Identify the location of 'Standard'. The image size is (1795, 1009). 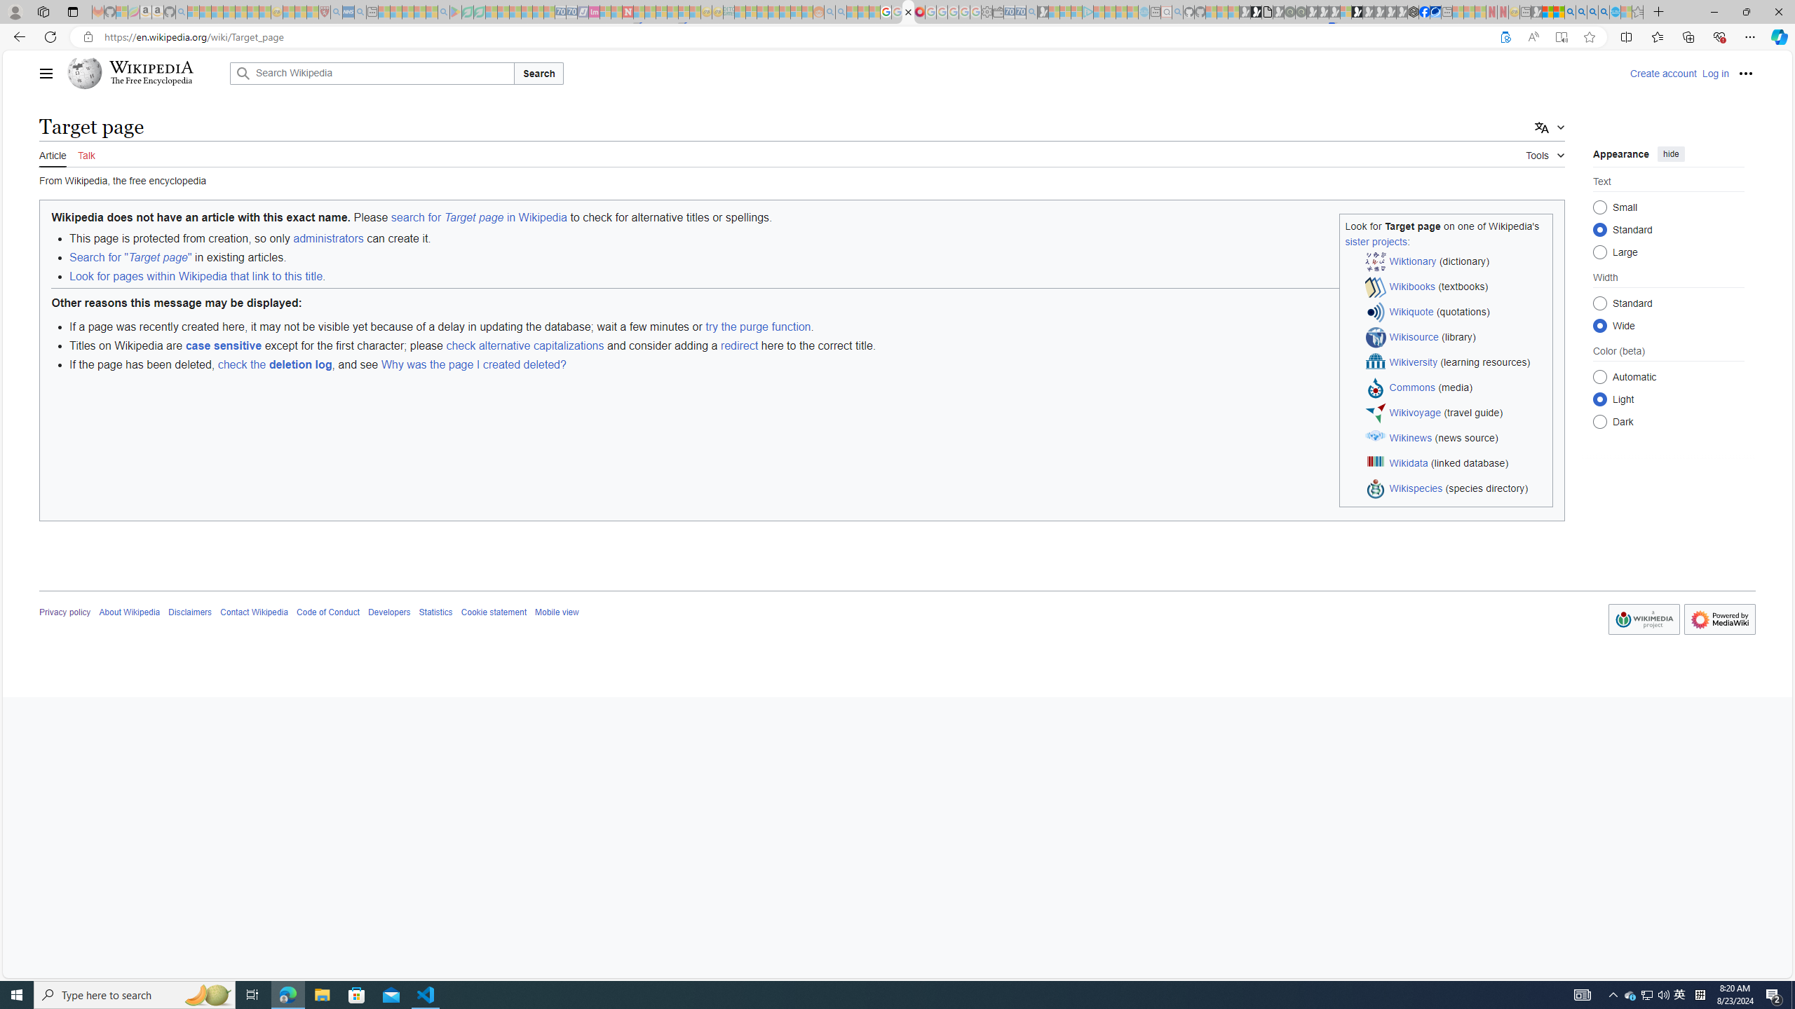
(1600, 303).